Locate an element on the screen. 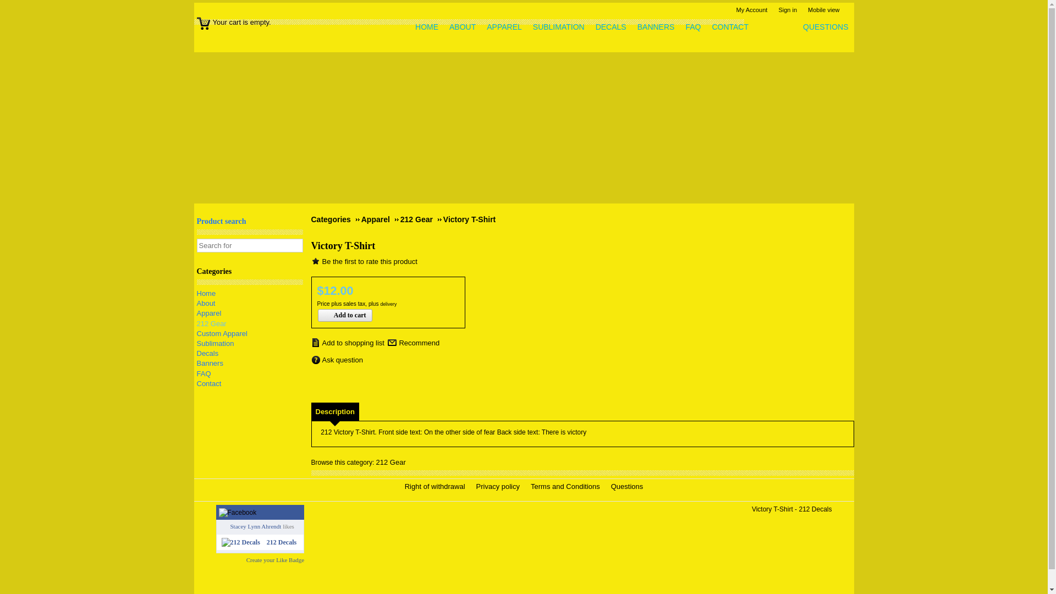 This screenshot has height=594, width=1056. 'Description' is located at coordinates (311, 411).